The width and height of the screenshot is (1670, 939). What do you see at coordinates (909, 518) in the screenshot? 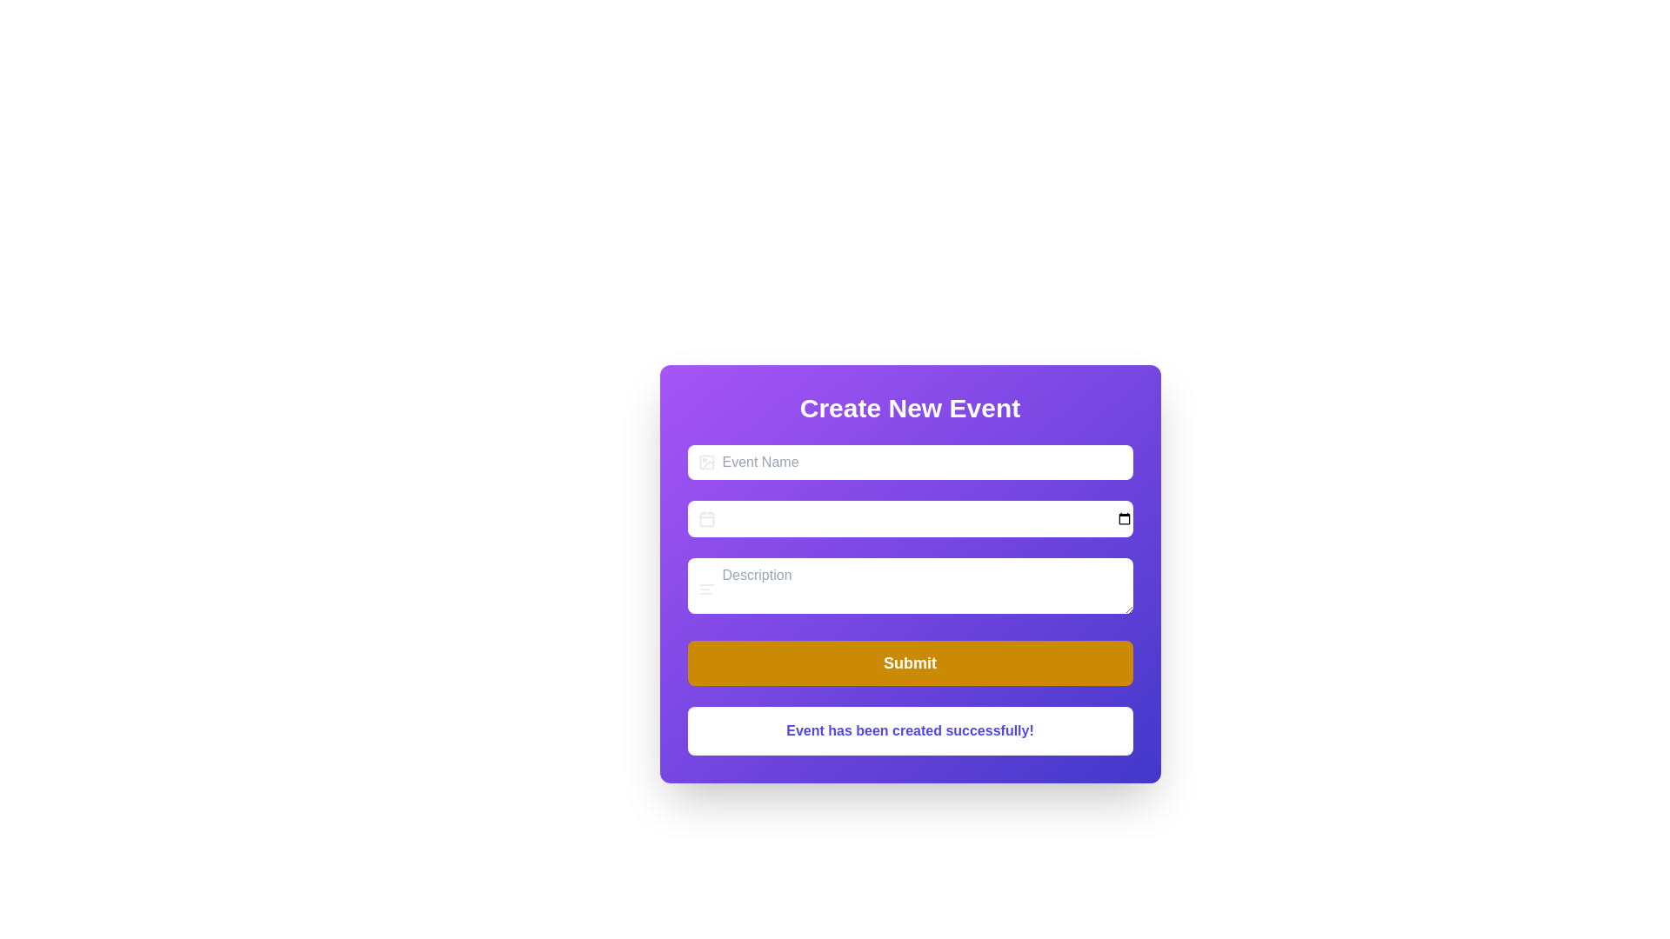
I see `the Date picker input field` at bounding box center [909, 518].